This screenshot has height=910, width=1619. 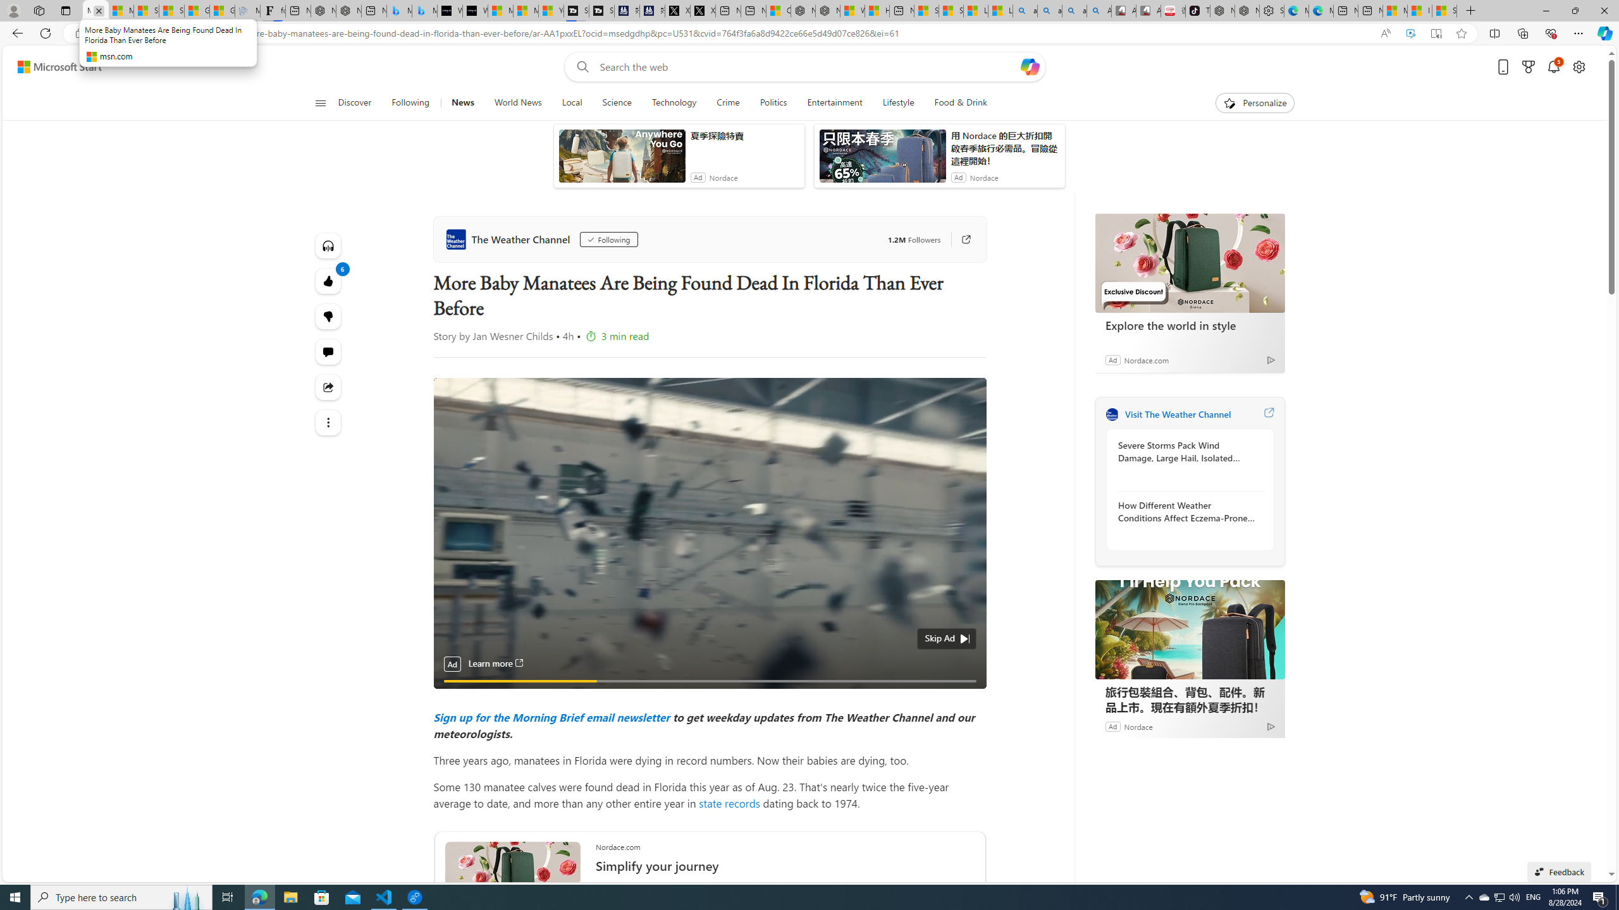 I want to click on 'Food & Drink', so click(x=961, y=102).